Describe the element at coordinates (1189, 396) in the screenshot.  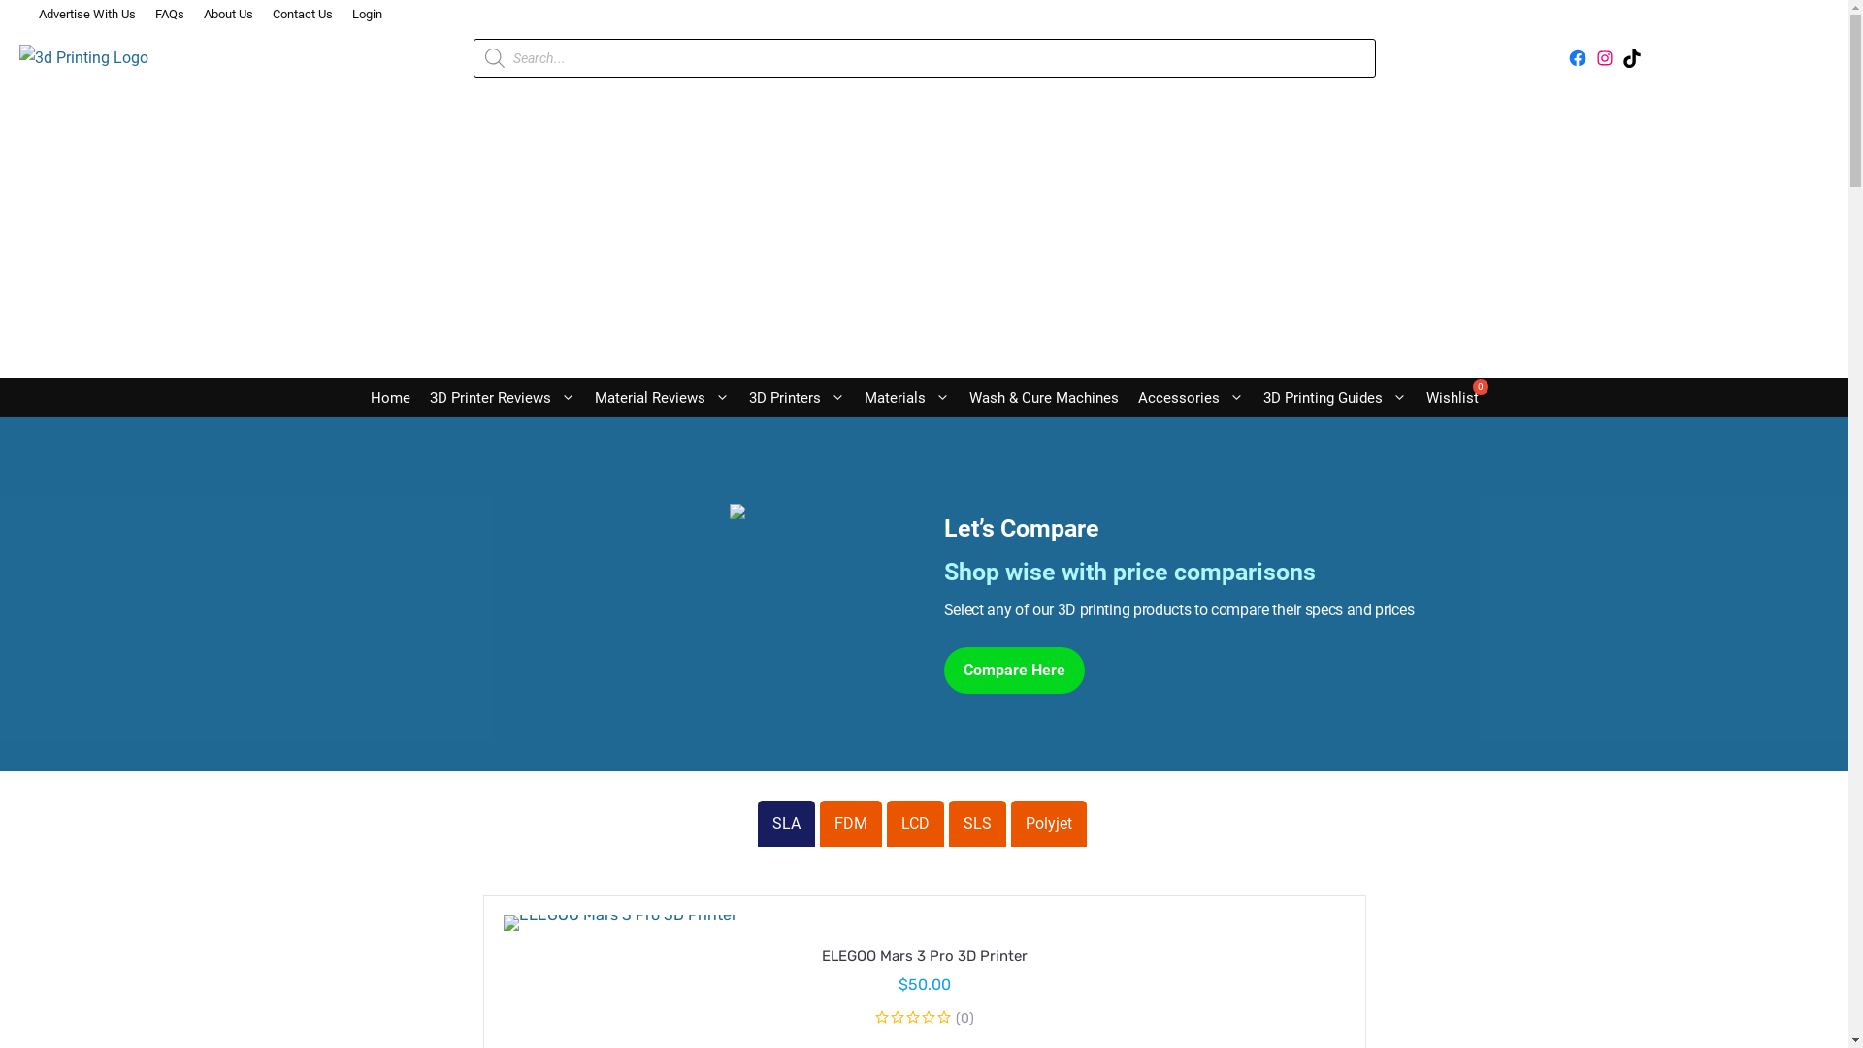
I see `'Accessories'` at that location.